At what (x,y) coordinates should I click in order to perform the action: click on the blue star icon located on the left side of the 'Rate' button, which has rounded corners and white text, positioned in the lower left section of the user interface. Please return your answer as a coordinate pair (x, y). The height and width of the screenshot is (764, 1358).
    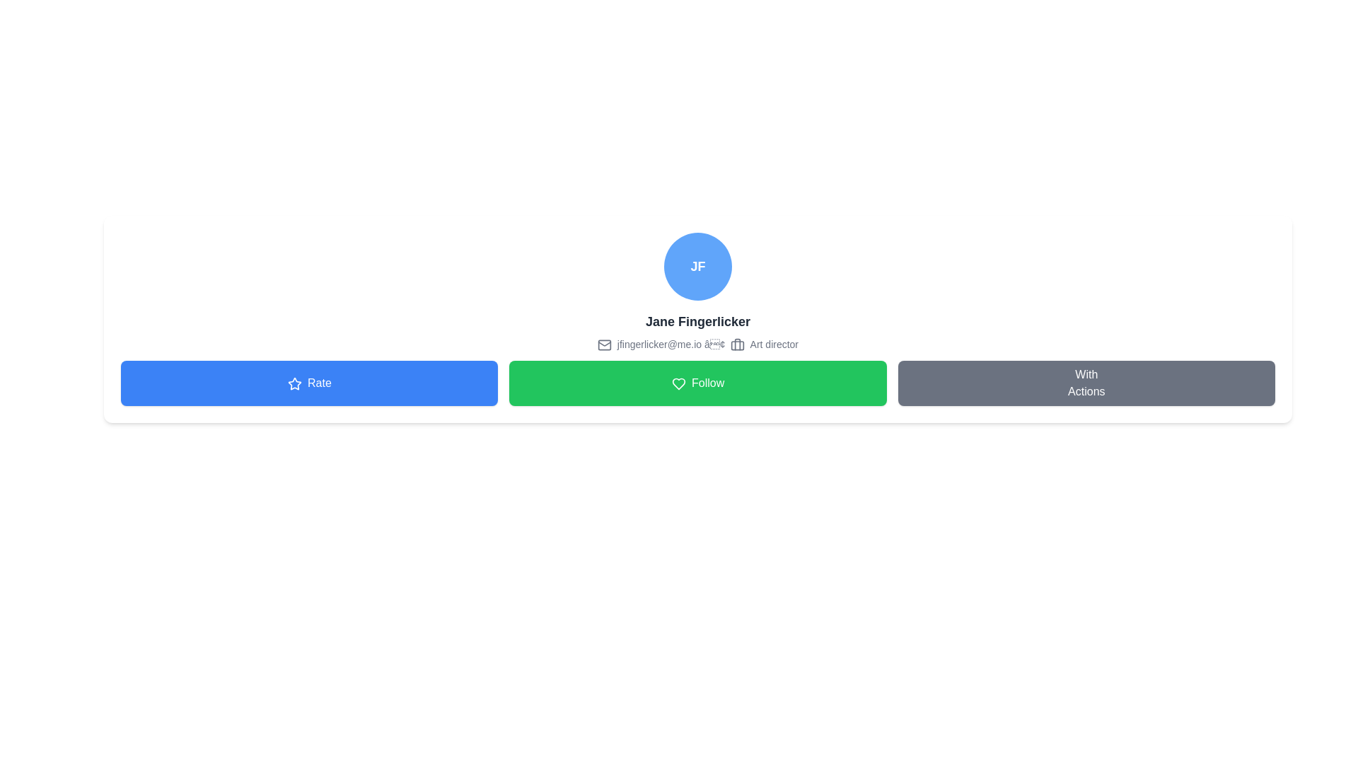
    Looking at the image, I should click on (294, 384).